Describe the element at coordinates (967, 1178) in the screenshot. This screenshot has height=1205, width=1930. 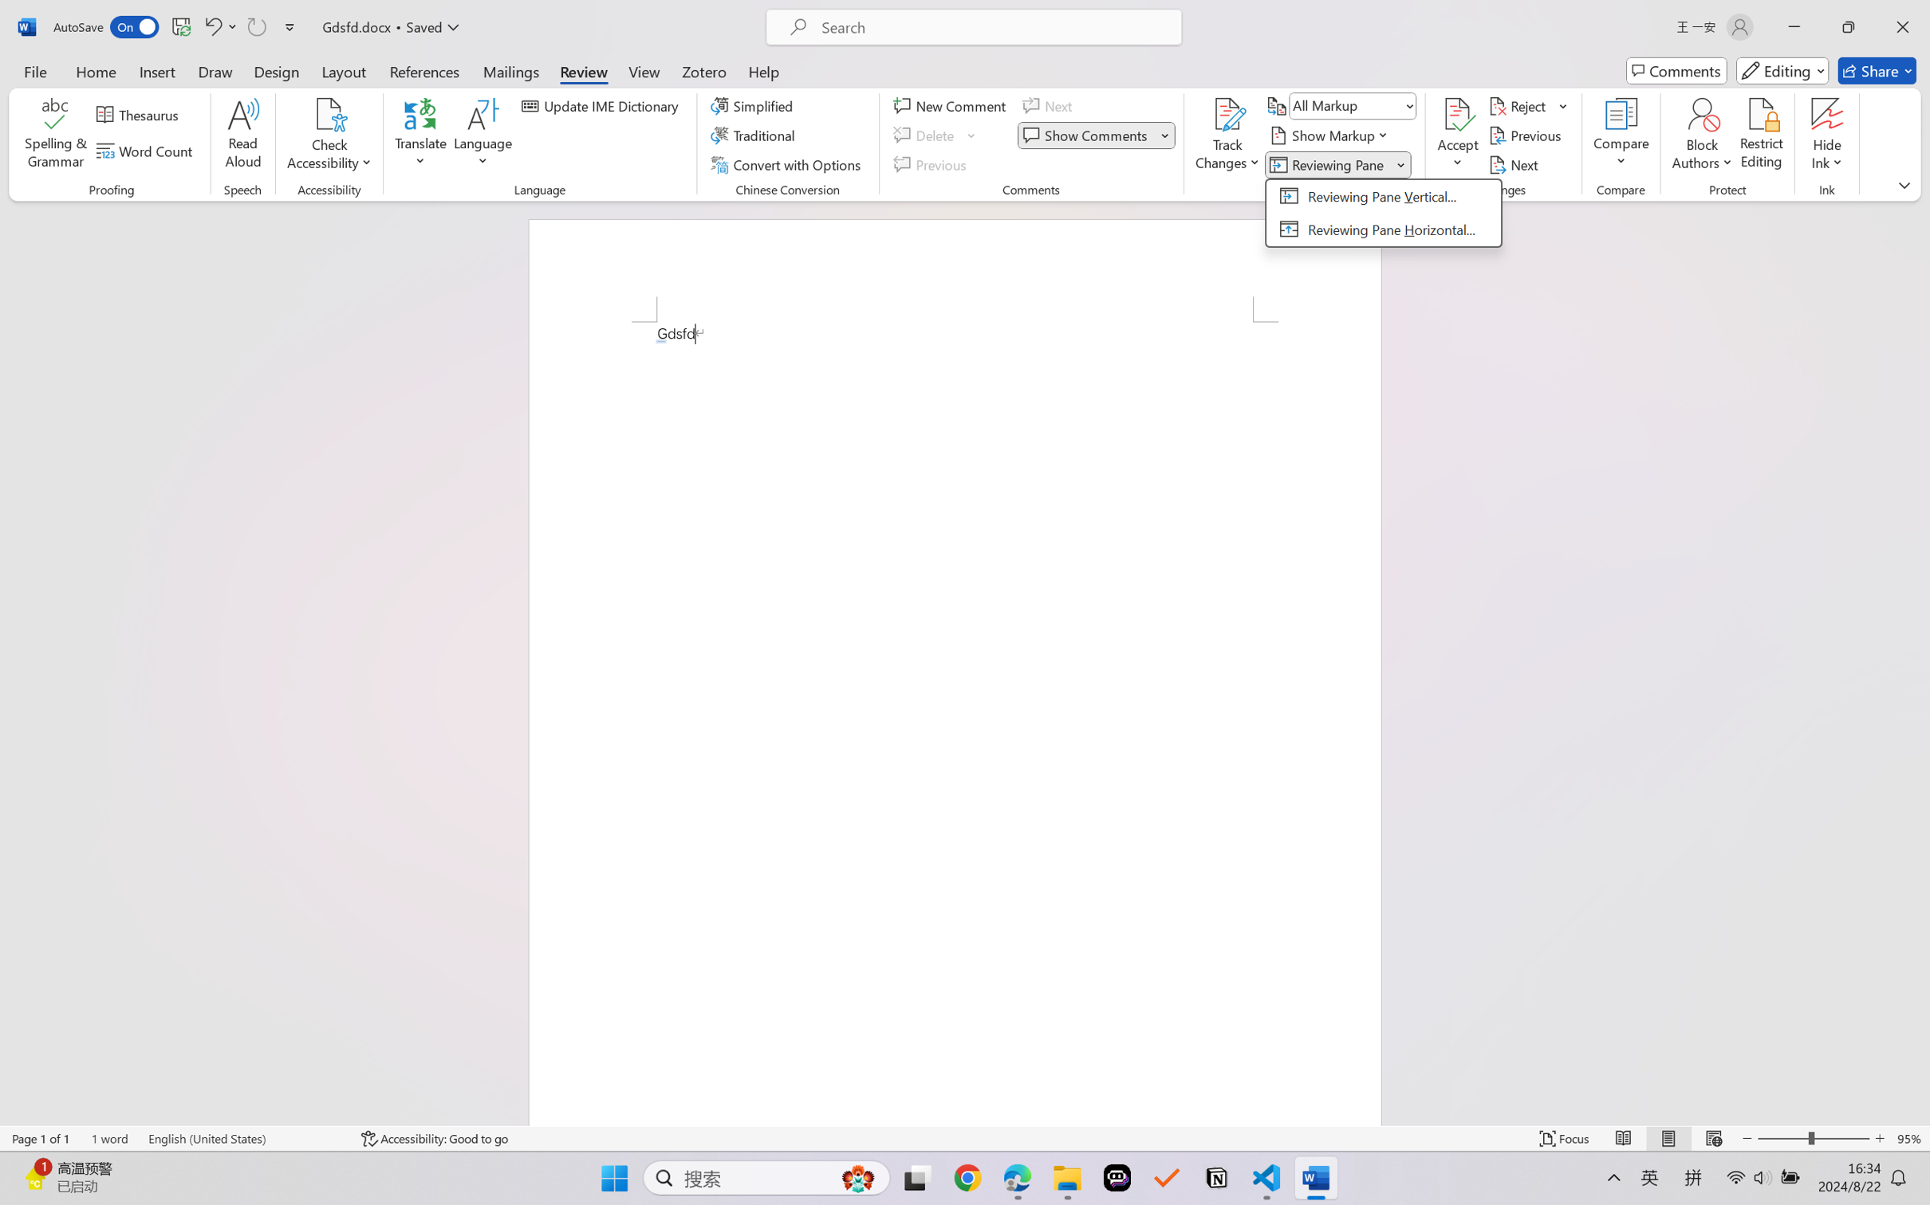
I see `'Google Chrome'` at that location.